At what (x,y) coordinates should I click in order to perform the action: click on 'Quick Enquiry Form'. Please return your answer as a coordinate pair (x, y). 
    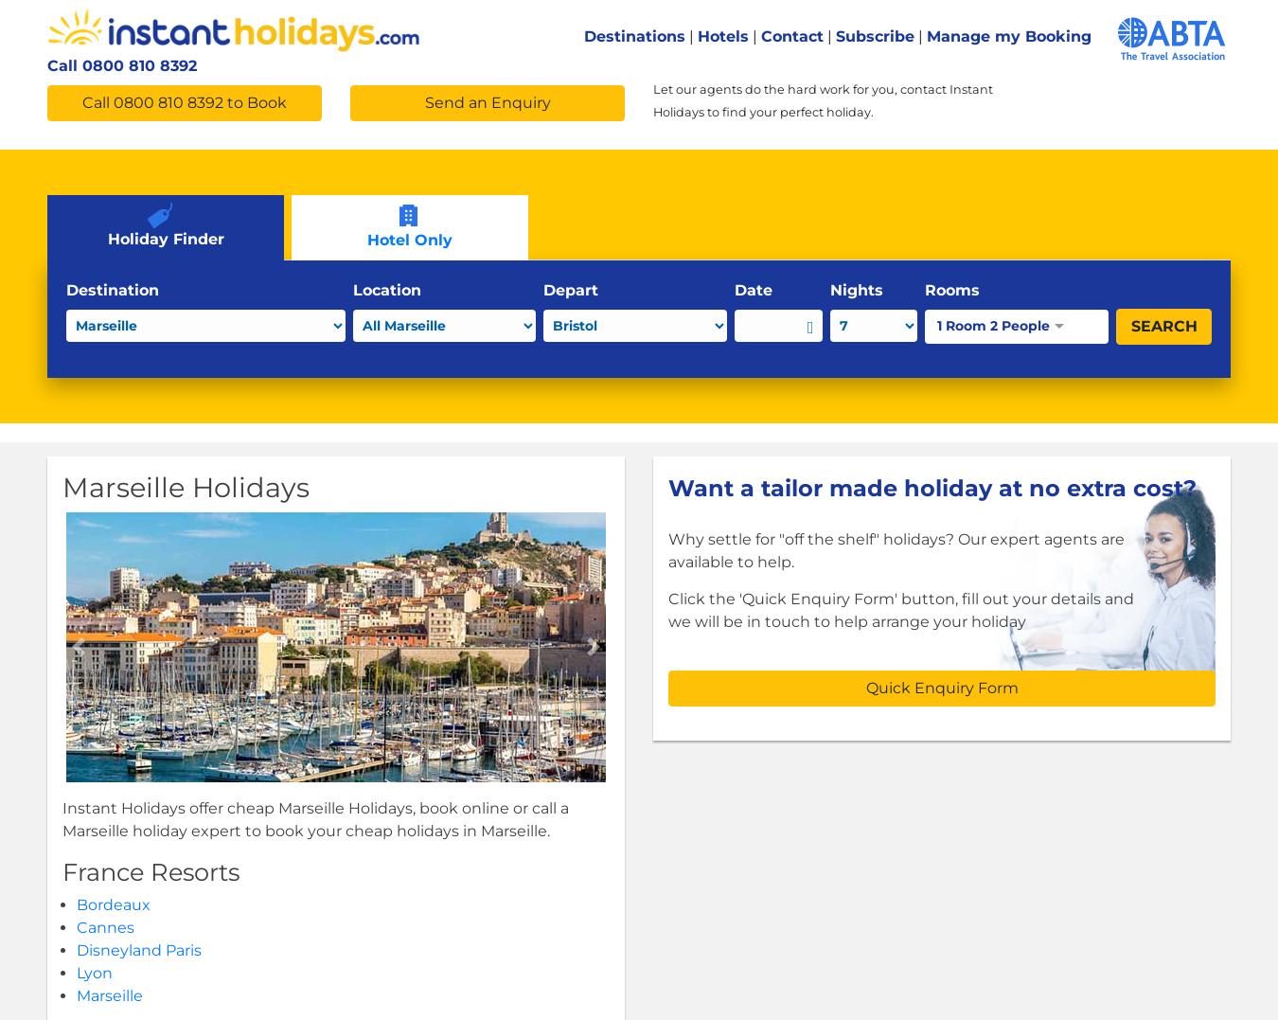
    Looking at the image, I should click on (940, 687).